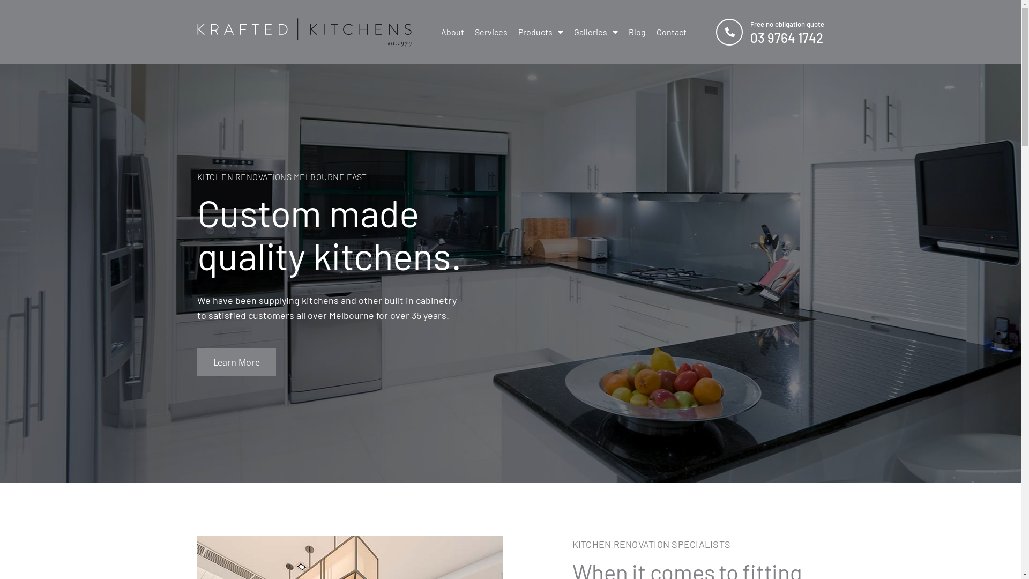 The width and height of the screenshot is (1029, 579). I want to click on 'Galleries', so click(594, 32).